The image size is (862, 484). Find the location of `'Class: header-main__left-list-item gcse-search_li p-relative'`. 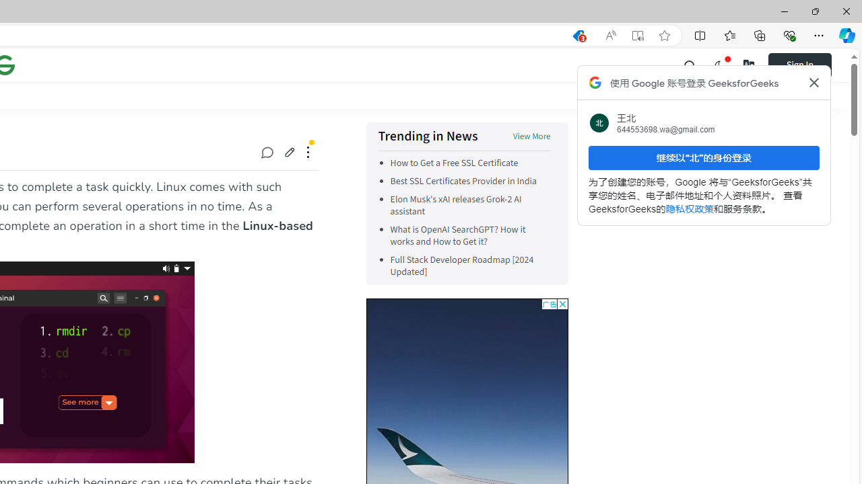

'Class: header-main__left-list-item gcse-search_li p-relative' is located at coordinates (690, 65).